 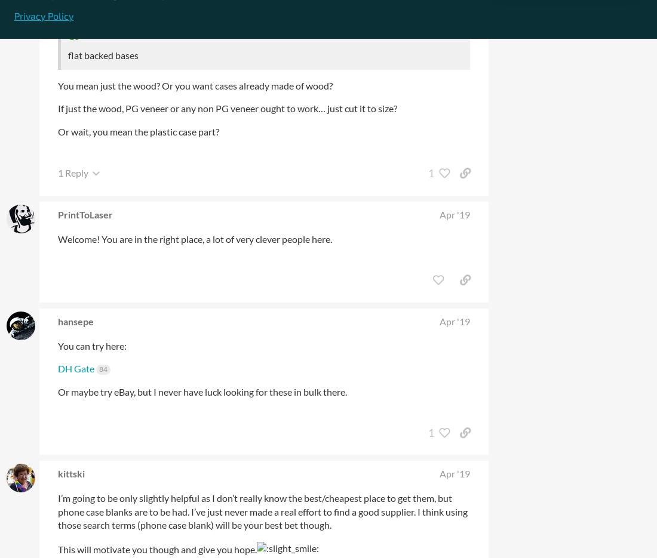 What do you see at coordinates (58, 85) in the screenshot?
I see `'You mean just the wood?  Or you want cases already made of wood?'` at bounding box center [58, 85].